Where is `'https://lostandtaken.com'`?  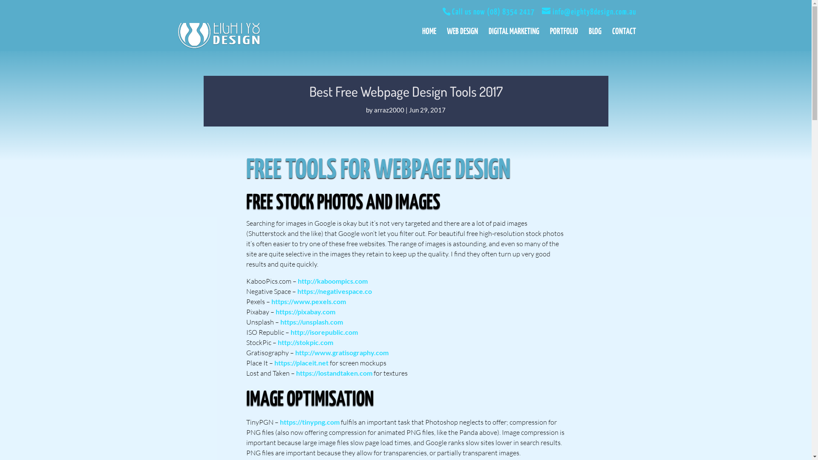 'https://lostandtaken.com' is located at coordinates (333, 372).